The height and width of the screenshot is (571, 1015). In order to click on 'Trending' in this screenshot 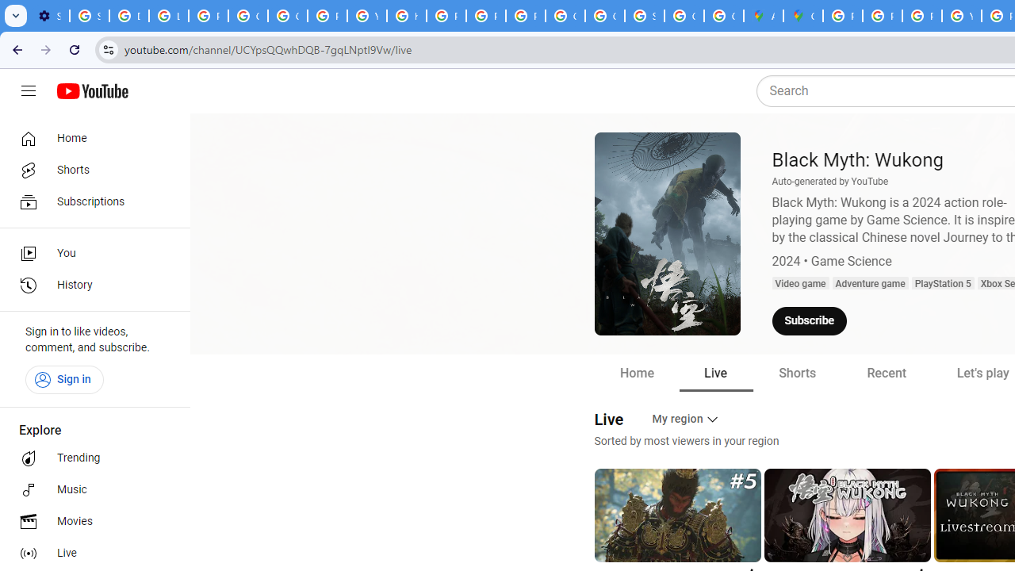, I will do `click(89, 458)`.